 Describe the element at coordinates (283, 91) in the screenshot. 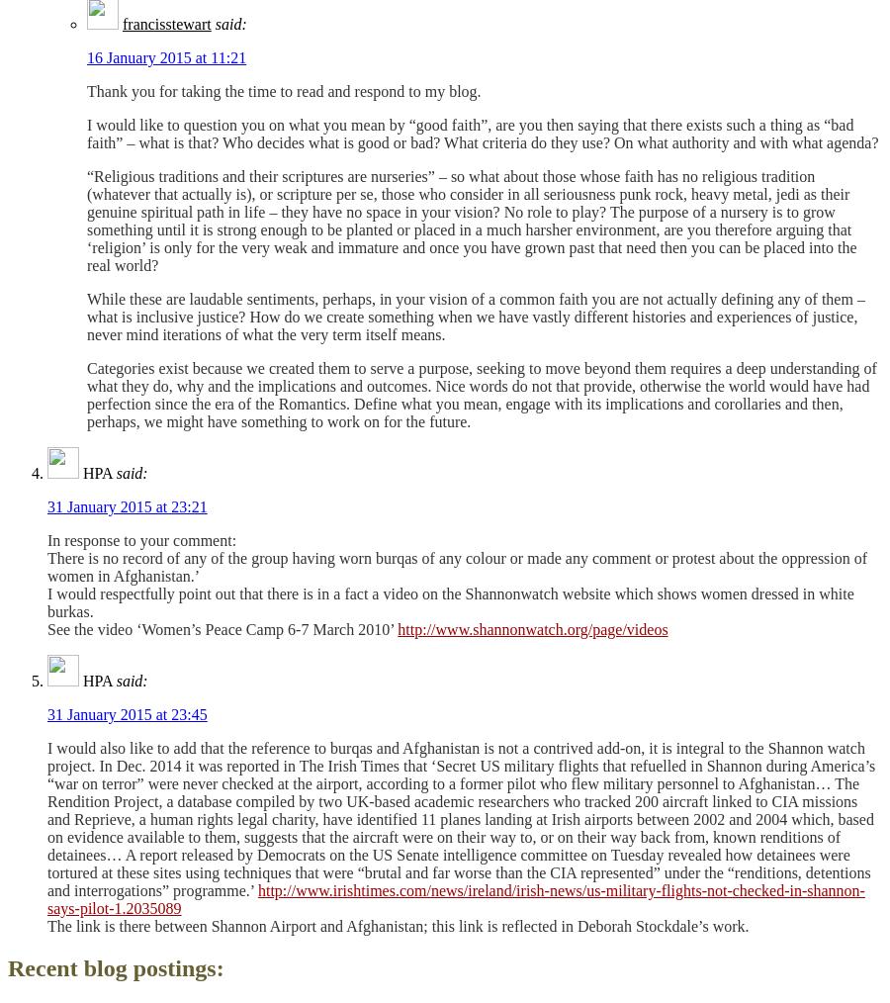

I see `'Thank you for taking the time to read and respond to my blog.'` at that location.